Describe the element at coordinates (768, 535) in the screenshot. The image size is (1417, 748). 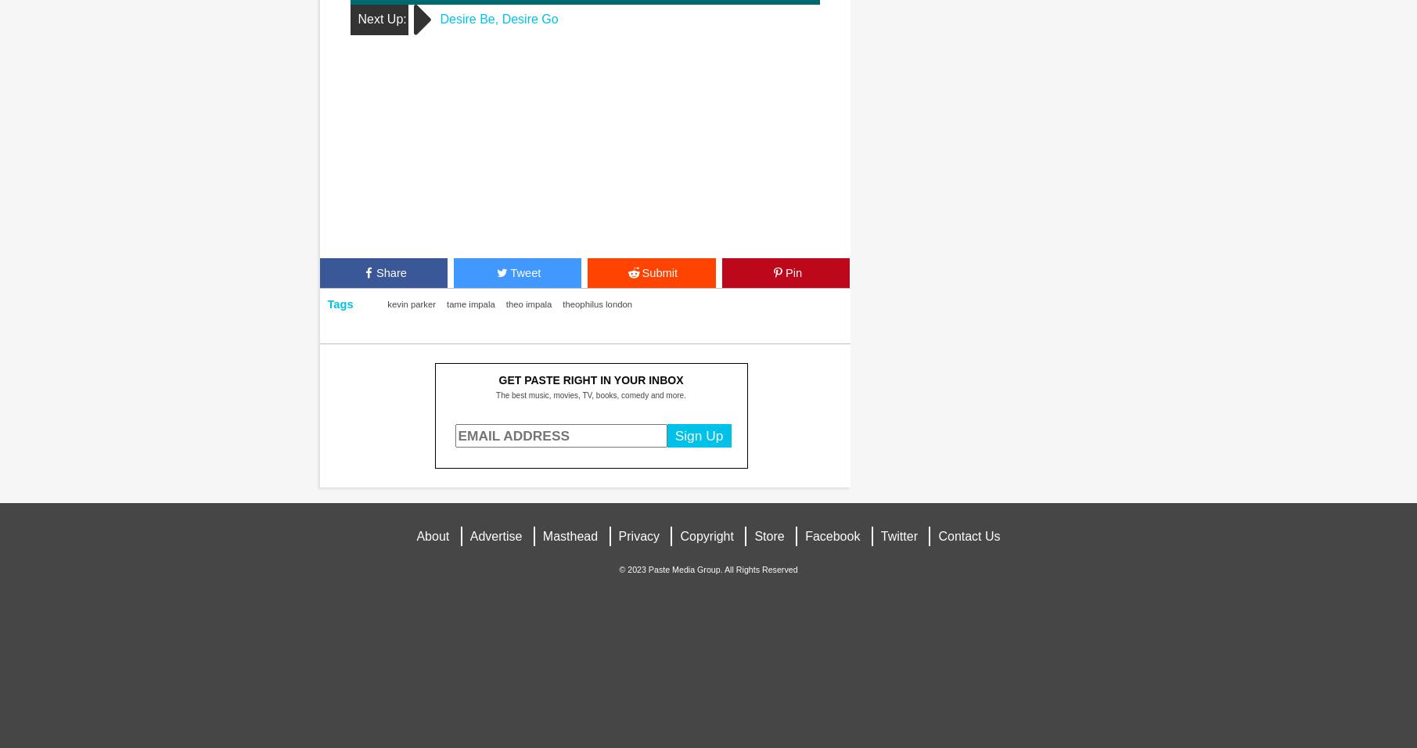
I see `'Store'` at that location.